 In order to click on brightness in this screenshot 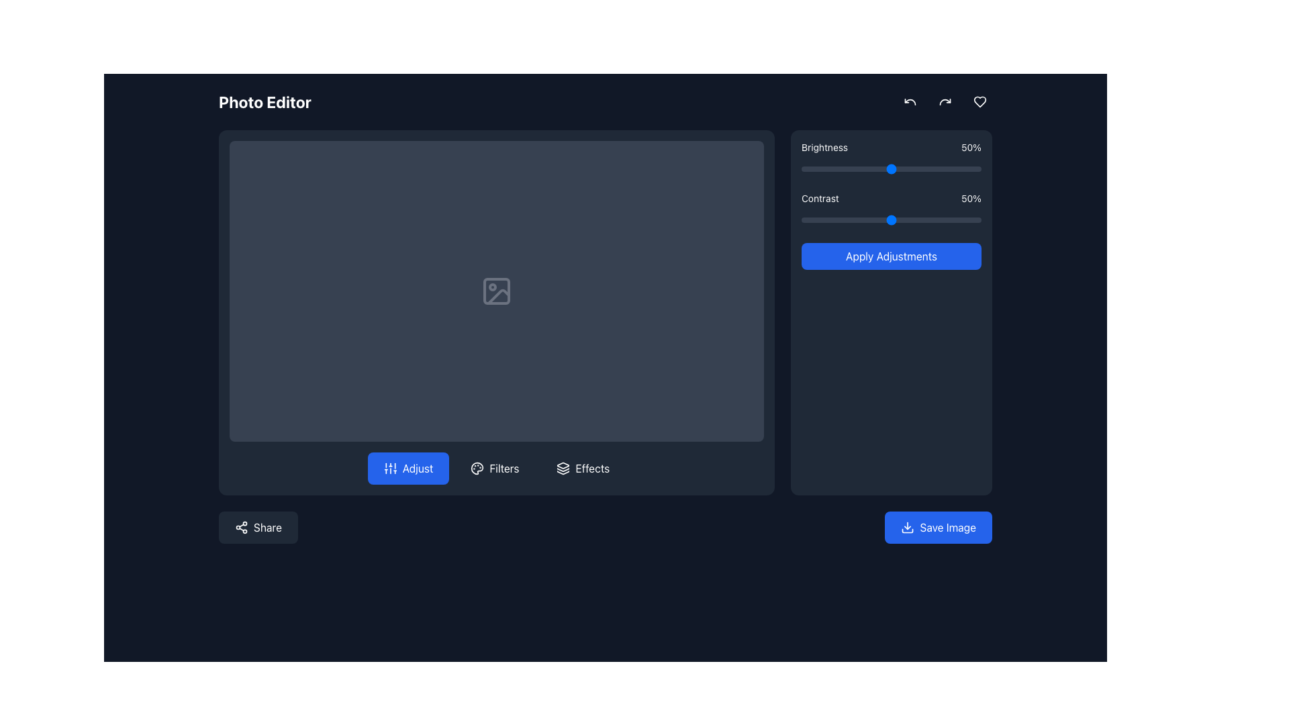, I will do `click(977, 168)`.